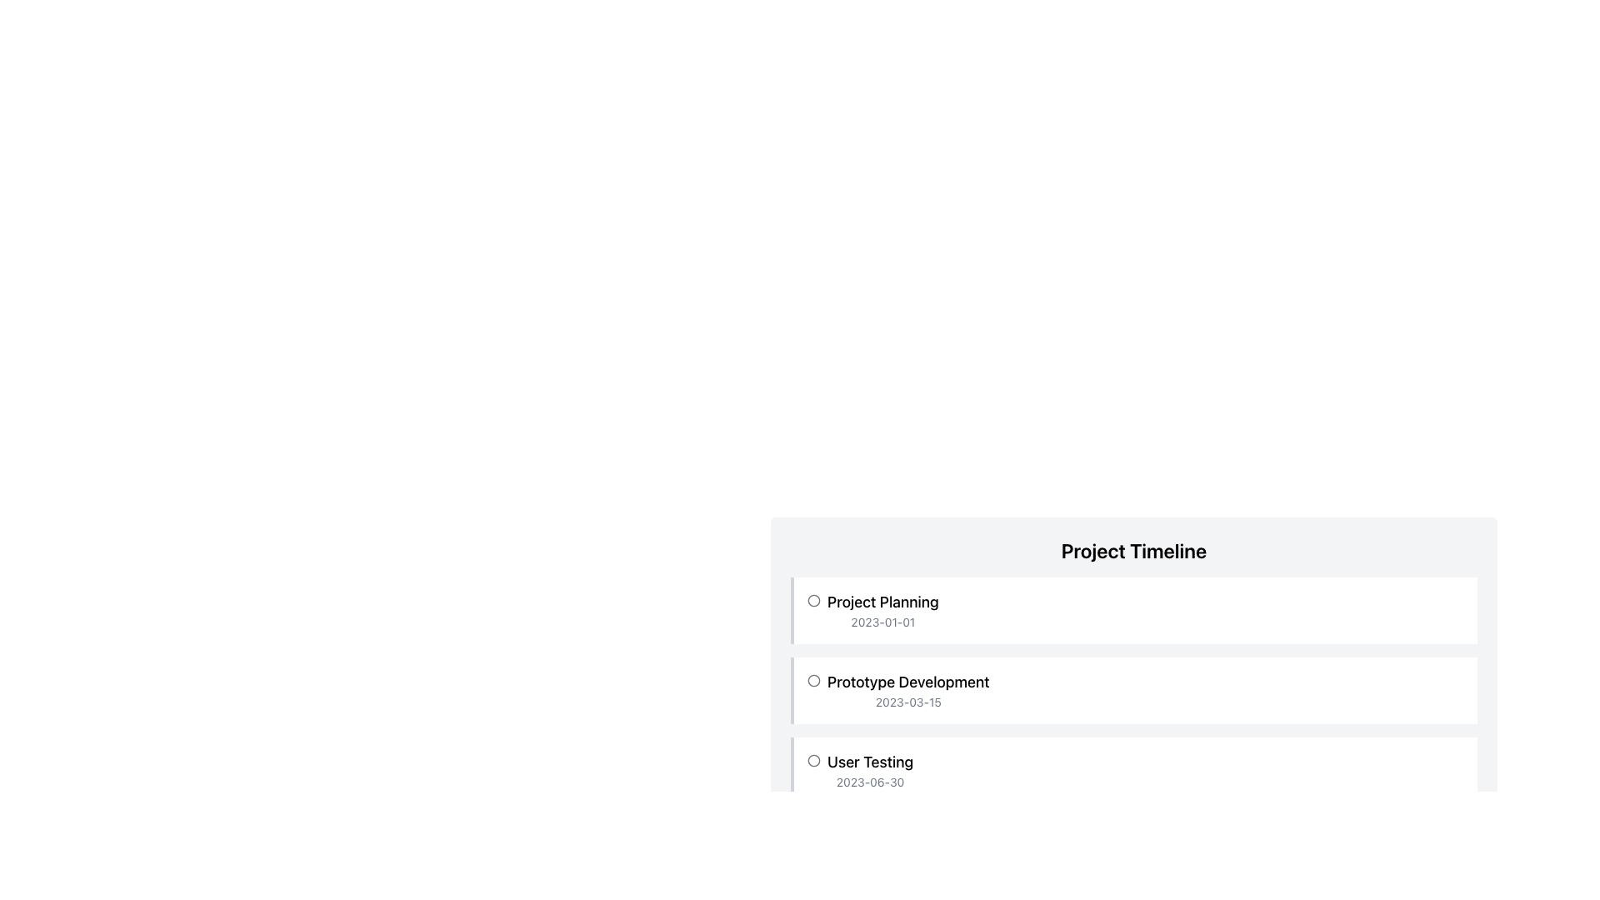 The height and width of the screenshot is (900, 1600). I want to click on the text label that informs users of the associated date linked to the 'Prototype Development' project stage, located directly below the title 'Prototype Development', so click(907, 702).